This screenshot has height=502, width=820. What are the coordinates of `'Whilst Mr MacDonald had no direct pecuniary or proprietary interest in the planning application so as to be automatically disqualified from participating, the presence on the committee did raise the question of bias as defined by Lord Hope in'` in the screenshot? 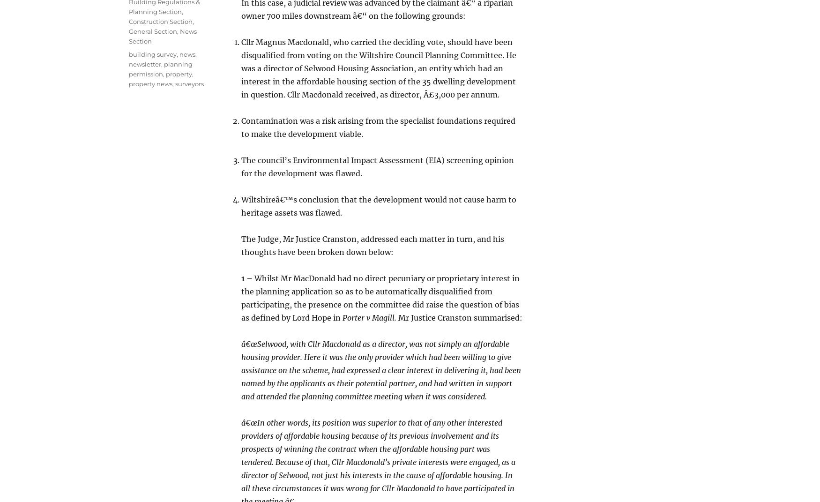 It's located at (380, 297).